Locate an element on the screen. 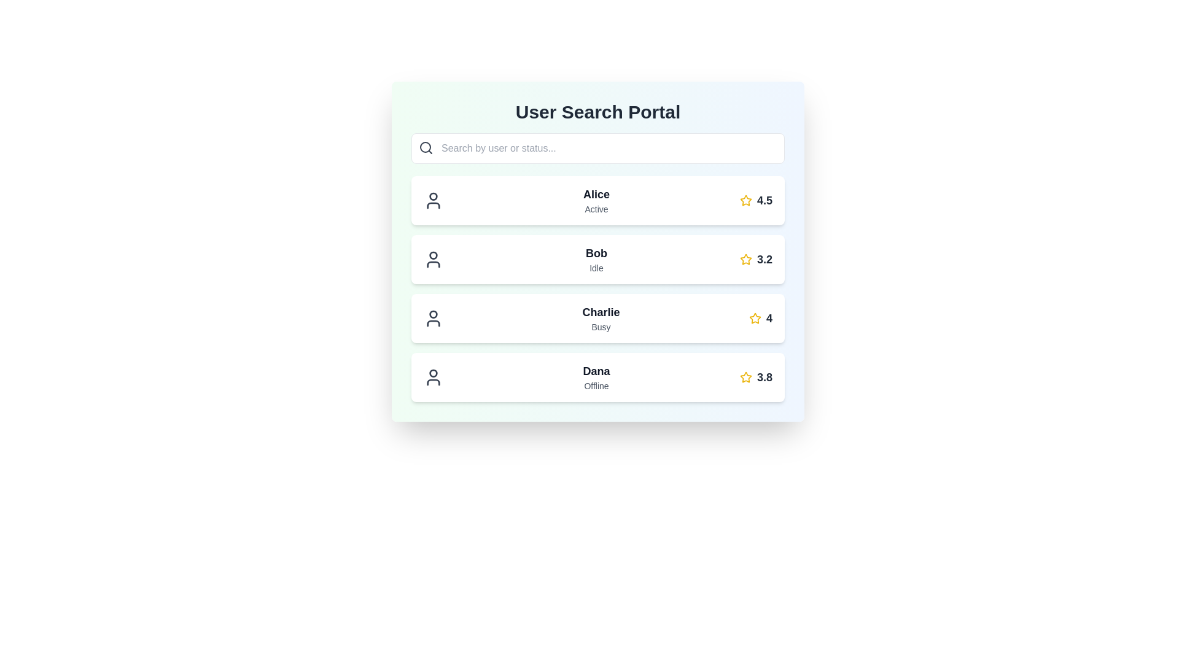 This screenshot has height=663, width=1179. the decorative search icon located to the left of the placeholder text 'Search by user or status...' in the search input field is located at coordinates (426, 147).